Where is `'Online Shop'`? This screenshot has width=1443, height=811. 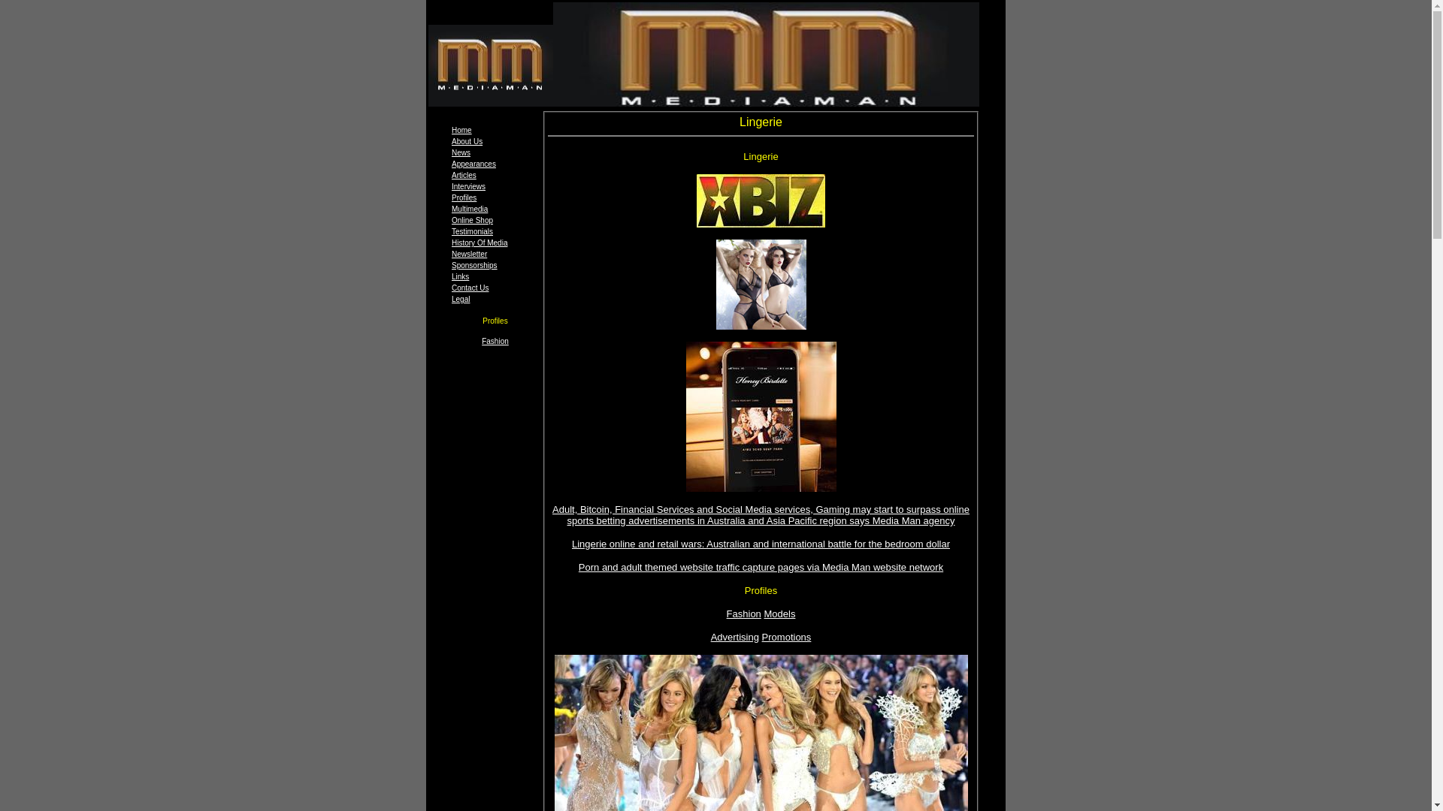
'Online Shop' is located at coordinates (471, 220).